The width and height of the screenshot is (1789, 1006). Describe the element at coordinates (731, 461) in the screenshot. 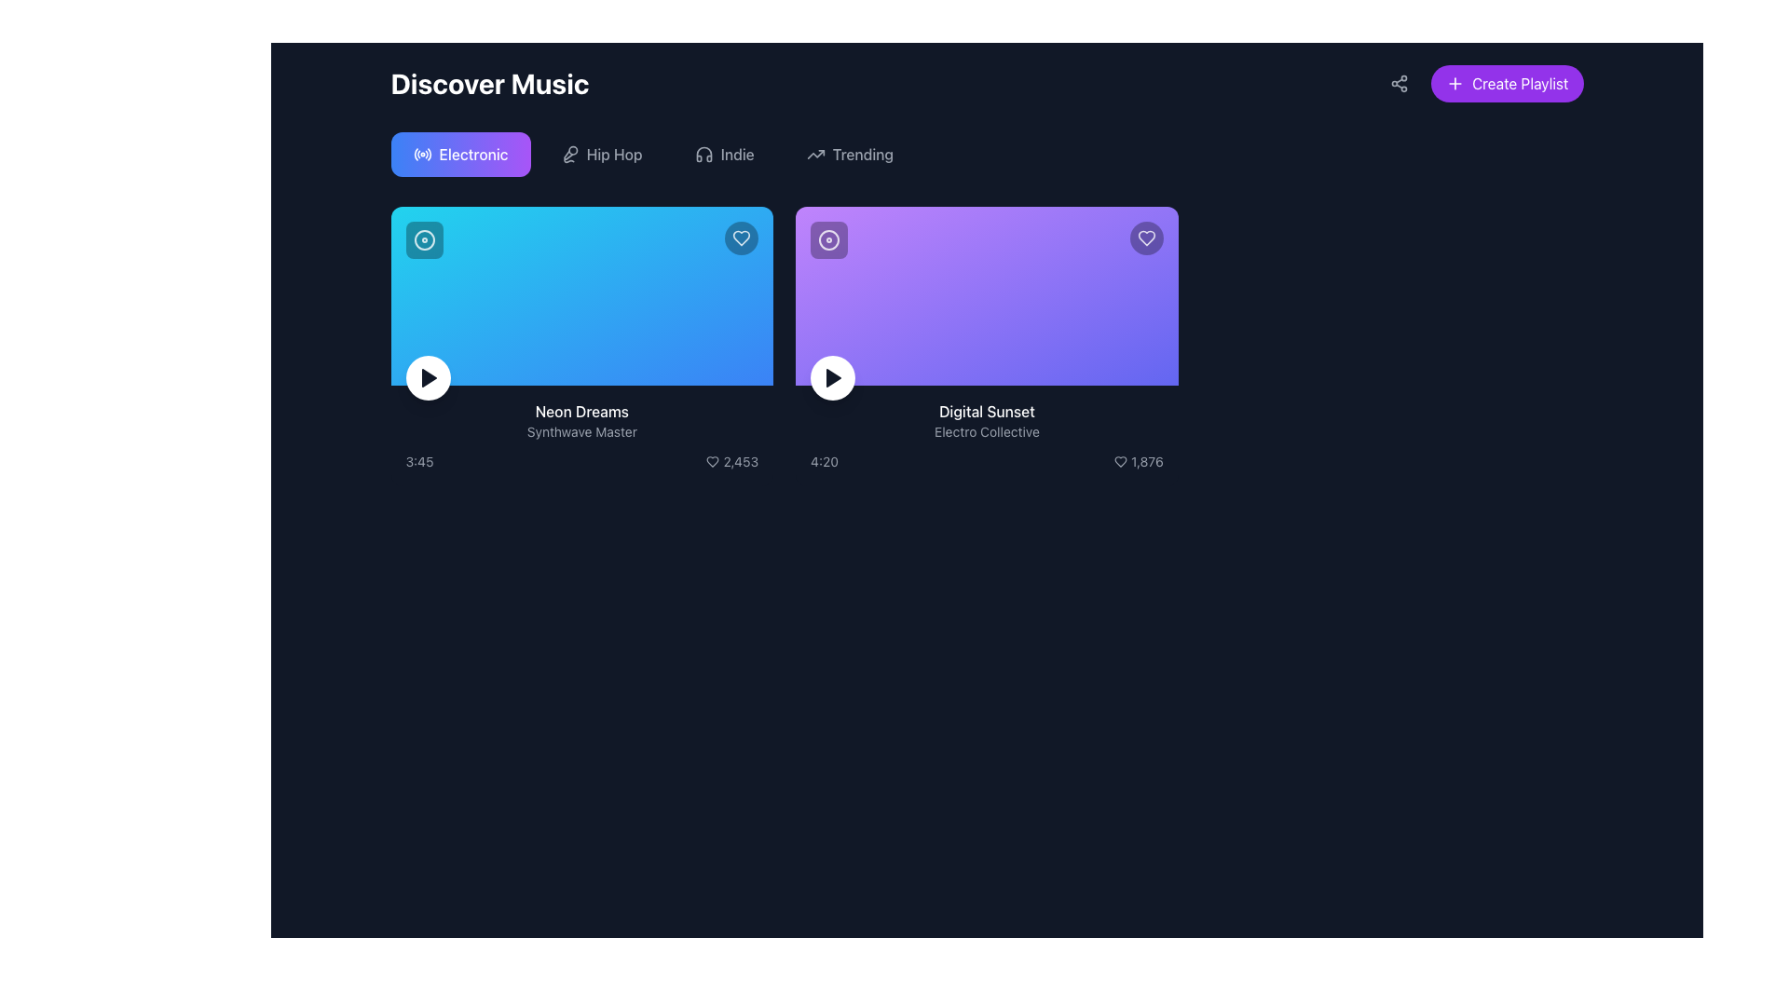

I see `the heart icon of the likes counter displaying '2,453' to like the content for the 'Neon Dreams' song` at that location.